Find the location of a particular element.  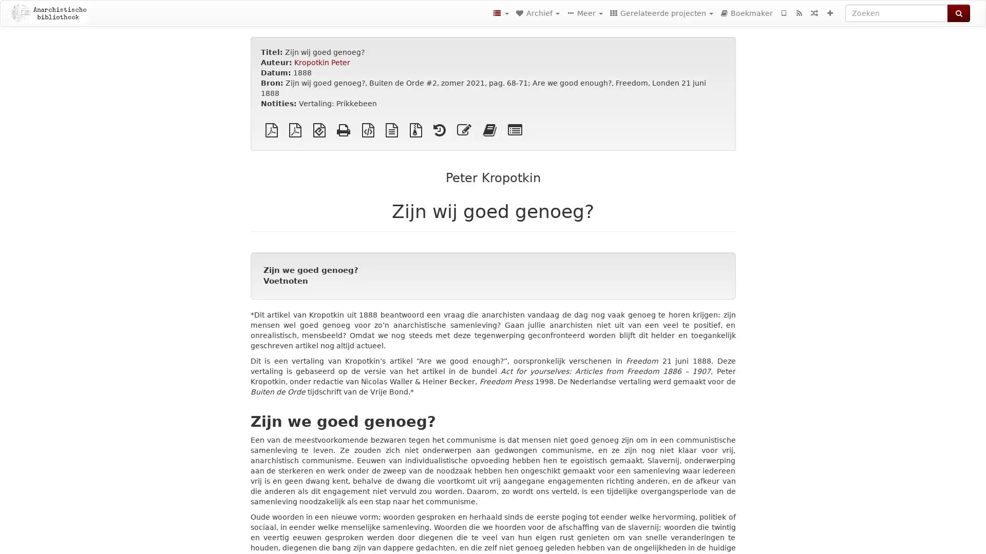

Zoeken is located at coordinates (958, 13).